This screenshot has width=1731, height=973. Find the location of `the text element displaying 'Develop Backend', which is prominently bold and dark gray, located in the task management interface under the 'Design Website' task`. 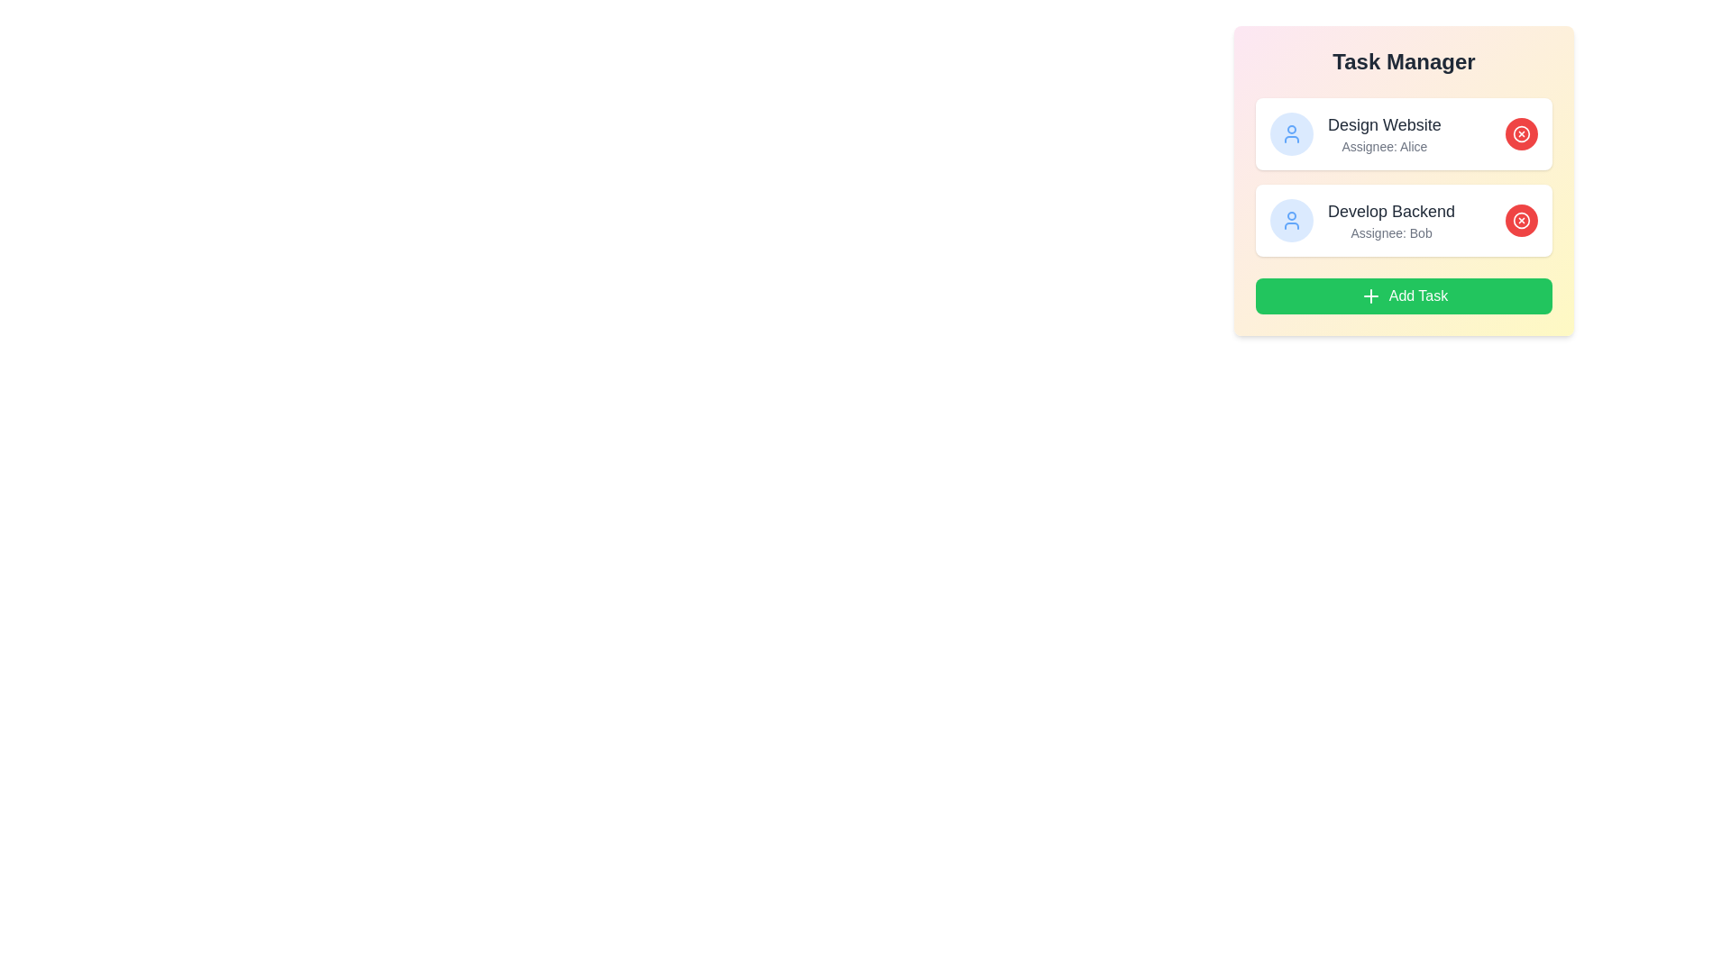

the text element displaying 'Develop Backend', which is prominently bold and dark gray, located in the task management interface under the 'Design Website' task is located at coordinates (1390, 211).